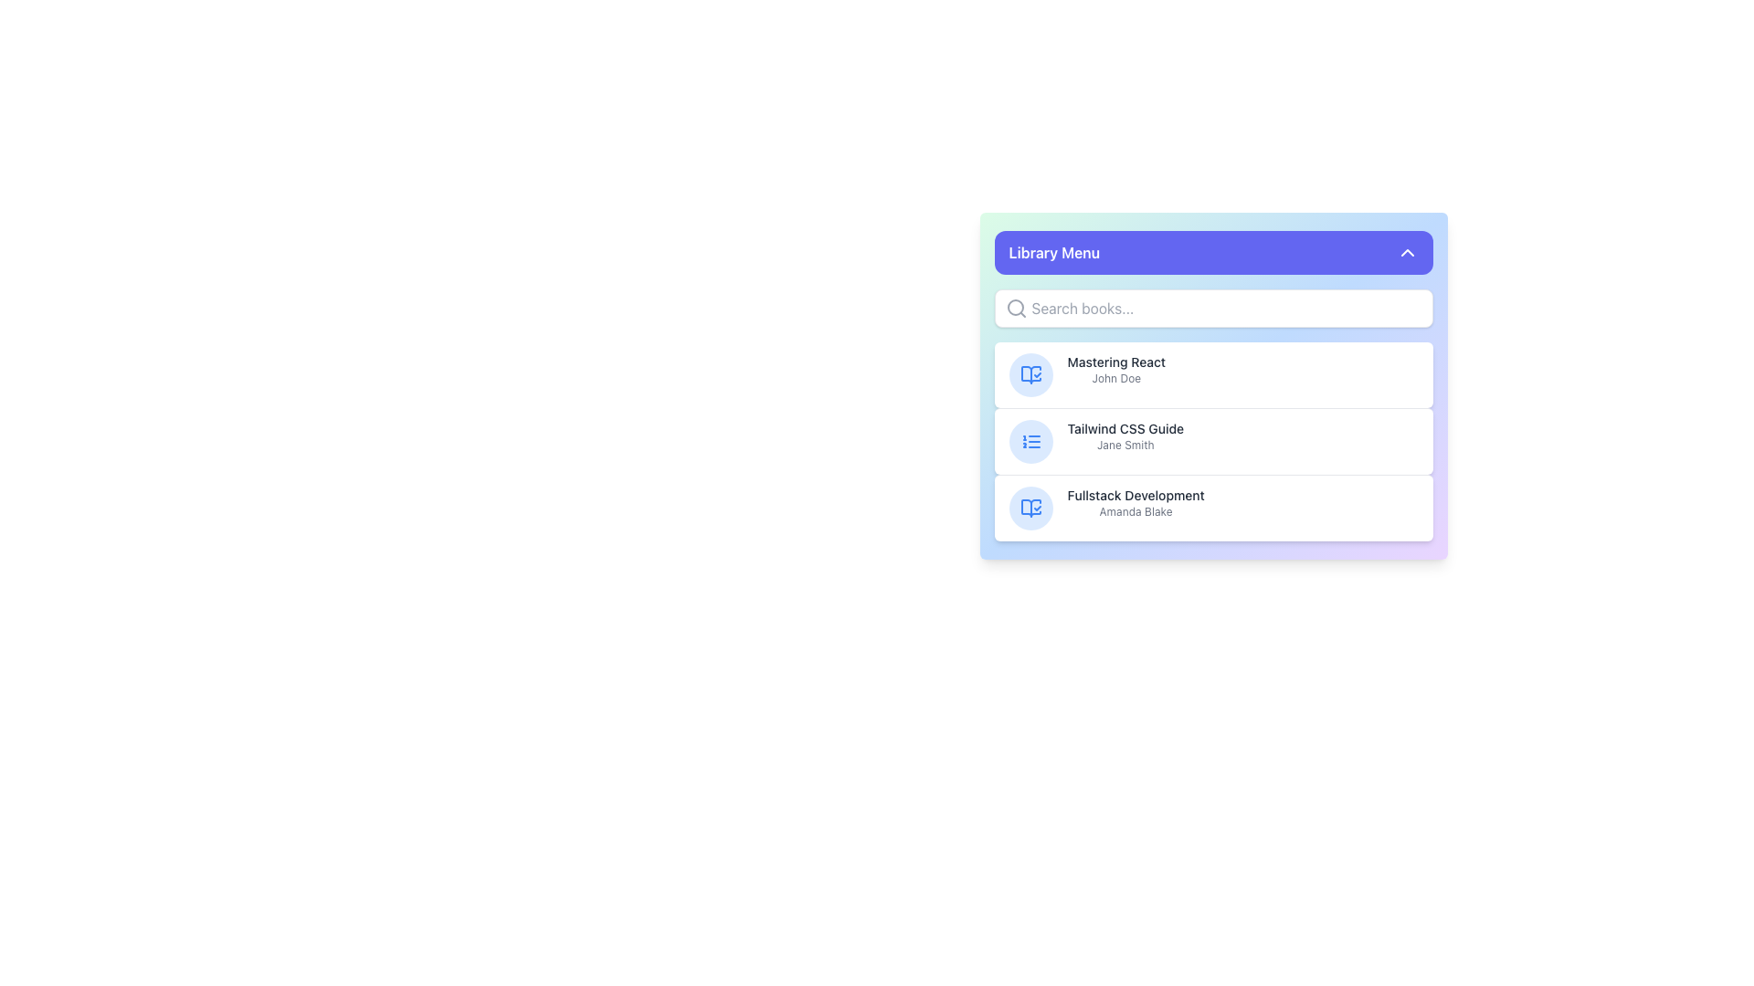 This screenshot has height=986, width=1754. Describe the element at coordinates (1015, 308) in the screenshot. I see `the search icon, which resembles a magnifying glass and is located on the left side of the text input field within the Library Menu component` at that location.